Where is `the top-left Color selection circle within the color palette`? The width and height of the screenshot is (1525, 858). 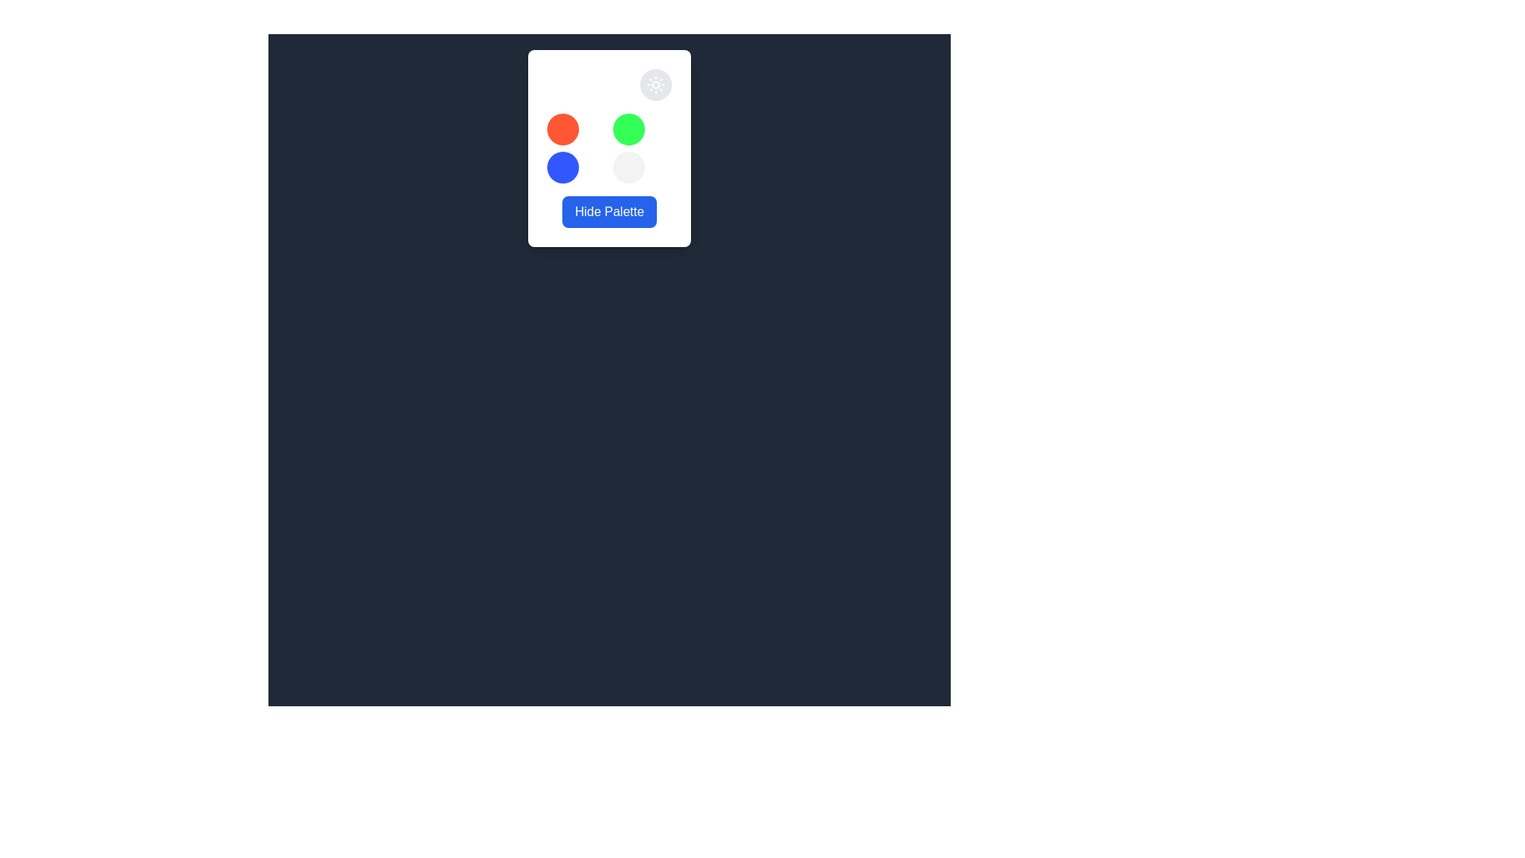 the top-left Color selection circle within the color palette is located at coordinates (563, 128).